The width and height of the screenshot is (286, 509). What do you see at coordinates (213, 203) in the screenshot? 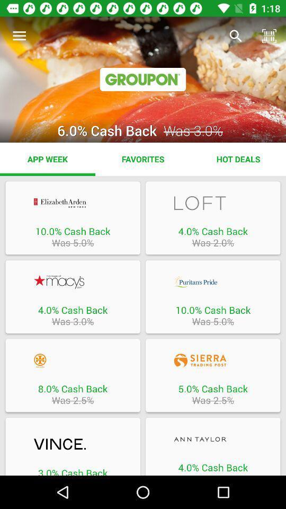
I see `loft offer` at bounding box center [213, 203].